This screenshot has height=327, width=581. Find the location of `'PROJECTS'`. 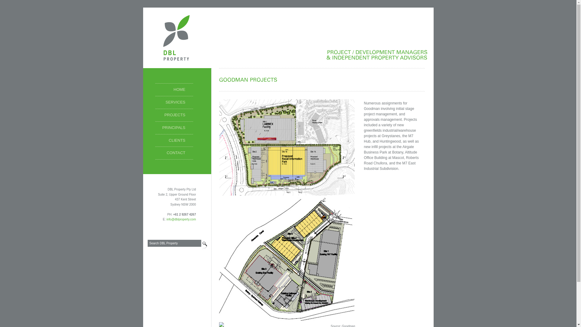

'PROJECTS' is located at coordinates (173, 115).